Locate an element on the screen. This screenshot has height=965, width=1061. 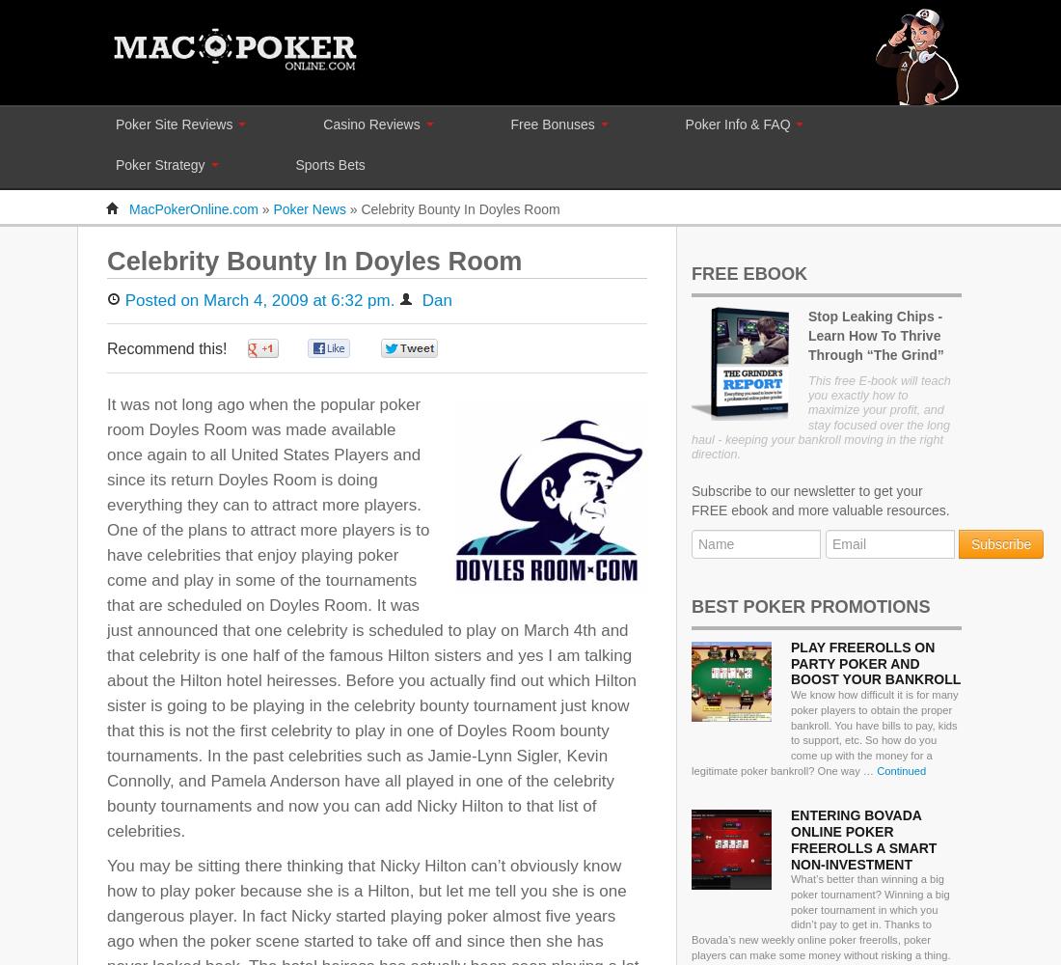
'Recommend this!' is located at coordinates (166, 346).